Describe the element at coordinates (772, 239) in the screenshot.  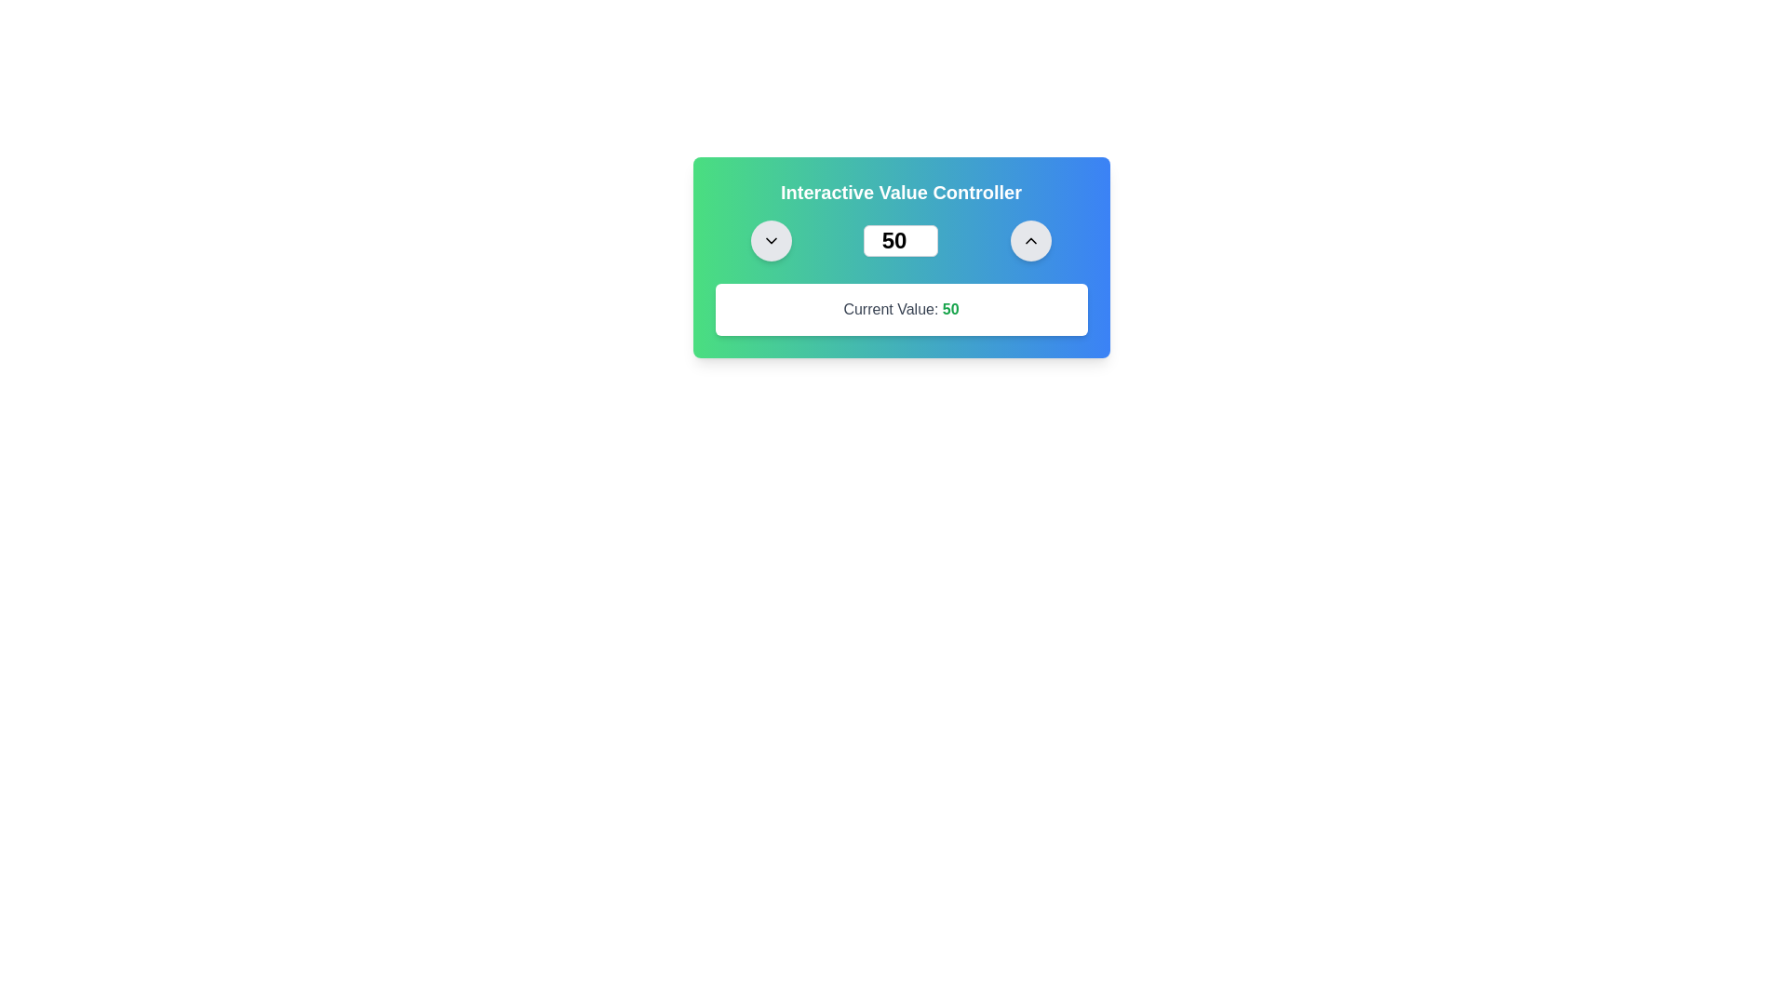
I see `the circular button icon on the right side near the top of the panel` at that location.